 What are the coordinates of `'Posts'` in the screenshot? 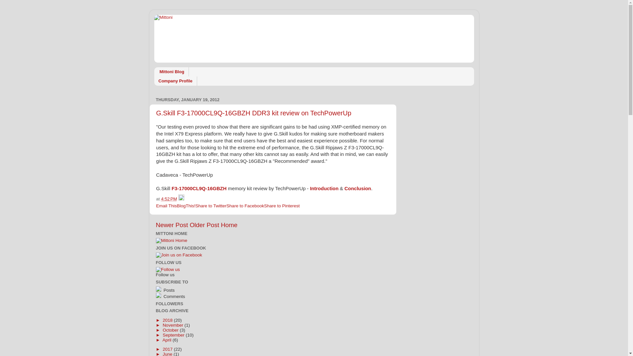 It's located at (196, 289).